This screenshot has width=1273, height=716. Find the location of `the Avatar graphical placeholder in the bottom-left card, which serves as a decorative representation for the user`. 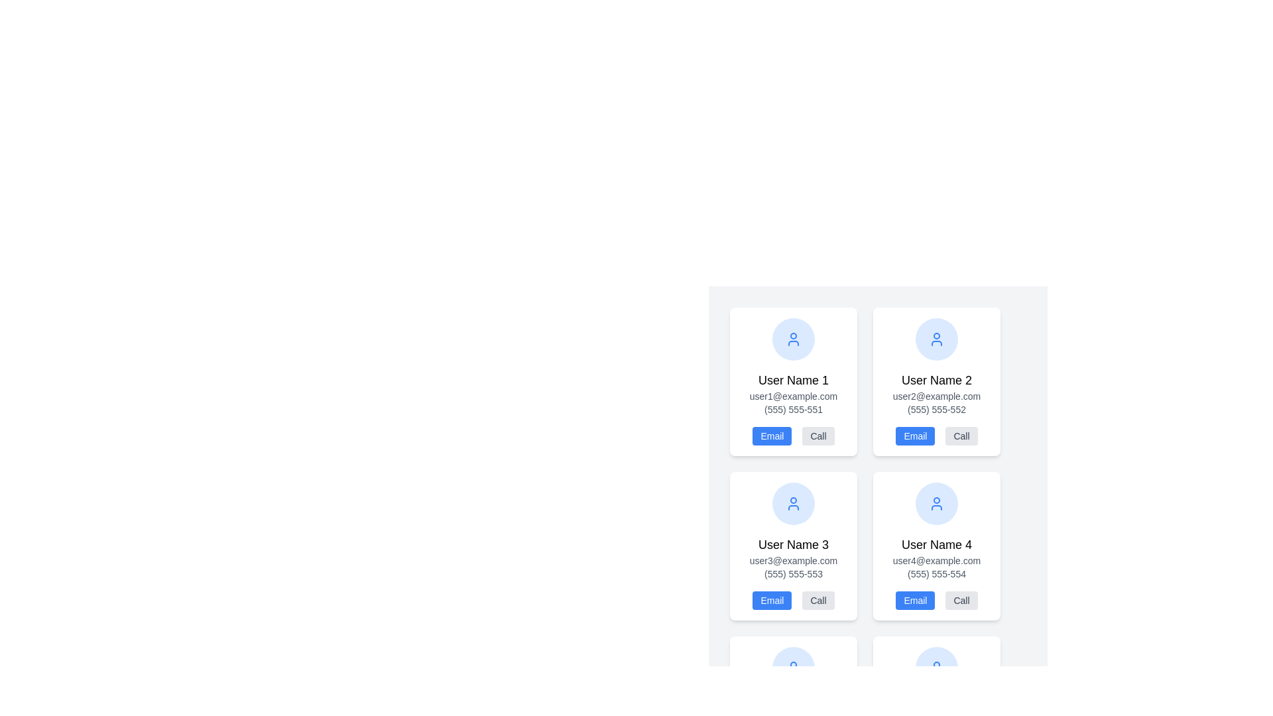

the Avatar graphical placeholder in the bottom-left card, which serves as a decorative representation for the user is located at coordinates (793, 668).